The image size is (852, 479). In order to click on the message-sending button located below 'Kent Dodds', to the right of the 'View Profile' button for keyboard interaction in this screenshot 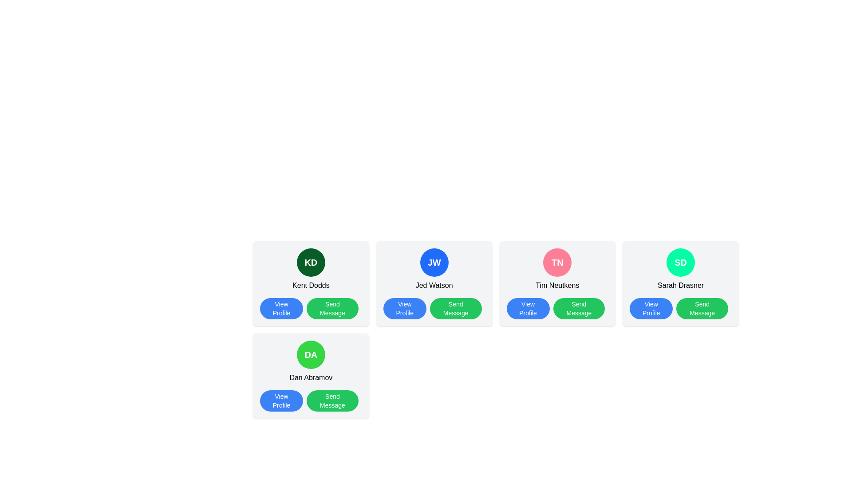, I will do `click(332, 308)`.